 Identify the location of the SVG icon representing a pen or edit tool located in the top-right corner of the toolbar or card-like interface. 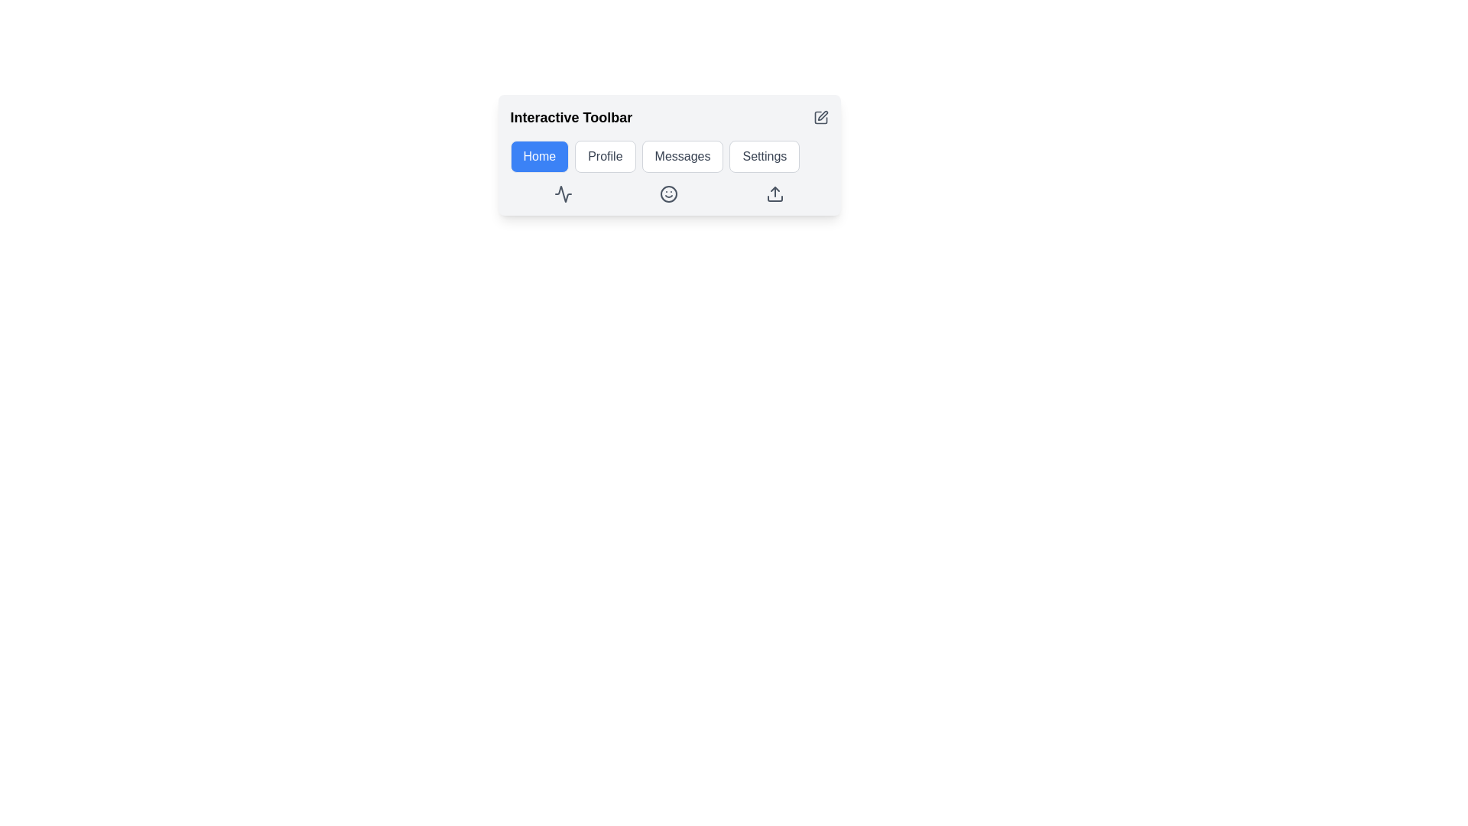
(821, 115).